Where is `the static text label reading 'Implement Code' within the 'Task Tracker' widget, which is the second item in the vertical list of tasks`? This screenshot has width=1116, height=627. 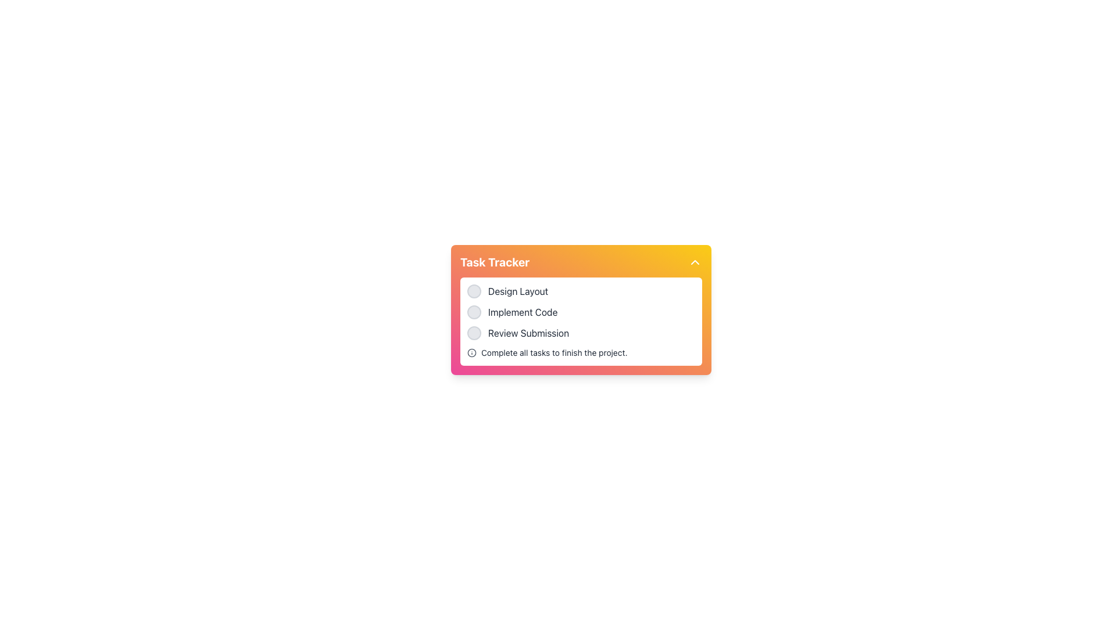
the static text label reading 'Implement Code' within the 'Task Tracker' widget, which is the second item in the vertical list of tasks is located at coordinates (522, 311).